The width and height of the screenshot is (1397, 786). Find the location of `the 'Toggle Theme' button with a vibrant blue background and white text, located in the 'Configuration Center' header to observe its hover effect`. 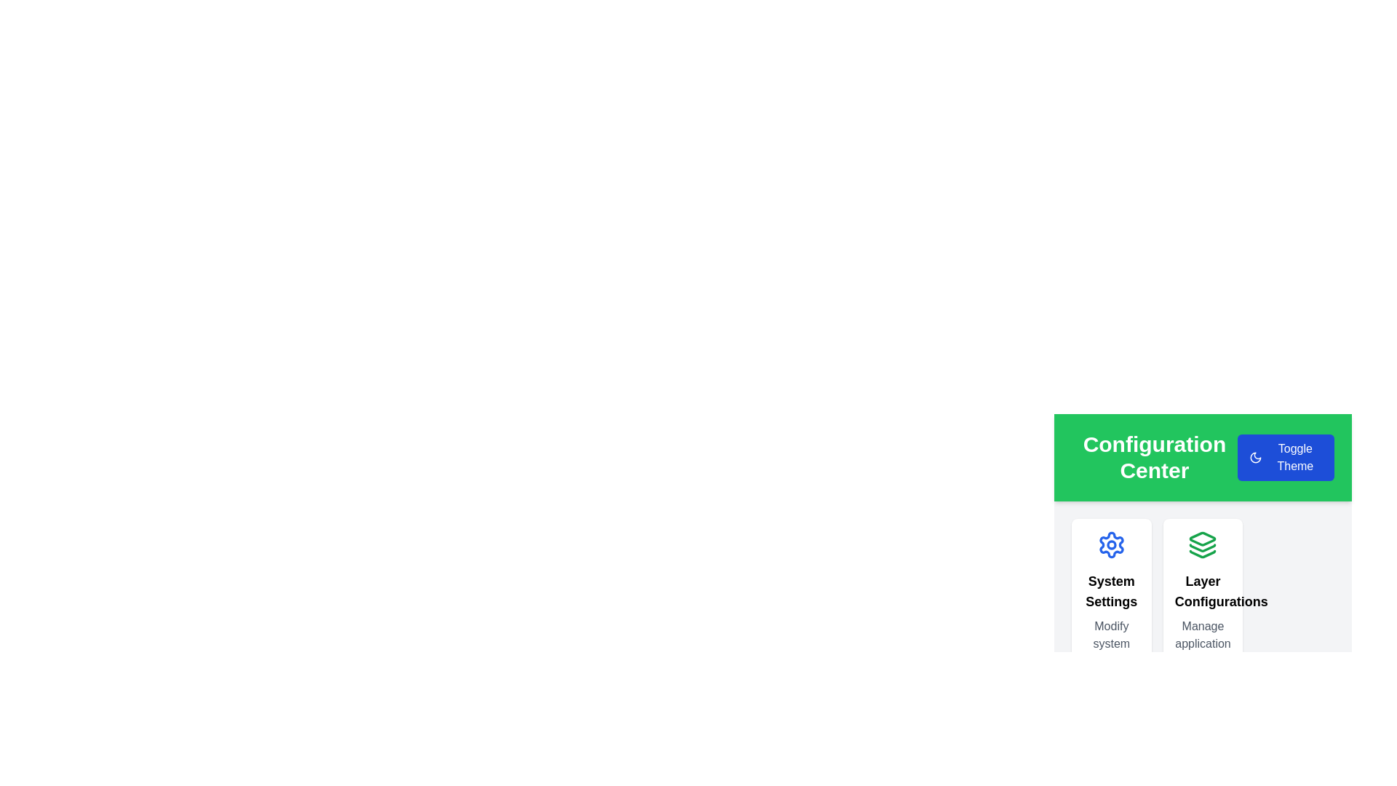

the 'Toggle Theme' button with a vibrant blue background and white text, located in the 'Configuration Center' header to observe its hover effect is located at coordinates (1286, 456).